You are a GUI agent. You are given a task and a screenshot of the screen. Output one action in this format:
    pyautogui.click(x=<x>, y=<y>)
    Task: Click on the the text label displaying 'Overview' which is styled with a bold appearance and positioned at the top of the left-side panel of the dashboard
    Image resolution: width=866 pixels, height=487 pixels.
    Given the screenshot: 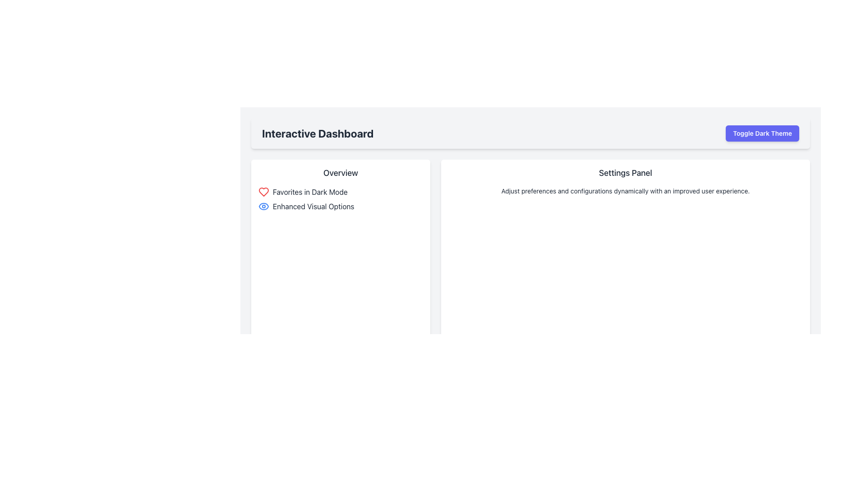 What is the action you would take?
    pyautogui.click(x=340, y=173)
    